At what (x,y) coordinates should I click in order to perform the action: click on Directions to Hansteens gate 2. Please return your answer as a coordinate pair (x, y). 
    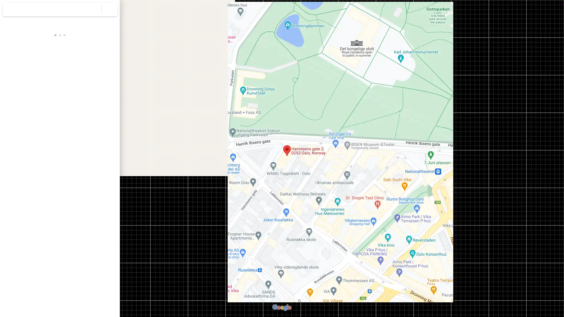
    Looking at the image, I should click on (17, 118).